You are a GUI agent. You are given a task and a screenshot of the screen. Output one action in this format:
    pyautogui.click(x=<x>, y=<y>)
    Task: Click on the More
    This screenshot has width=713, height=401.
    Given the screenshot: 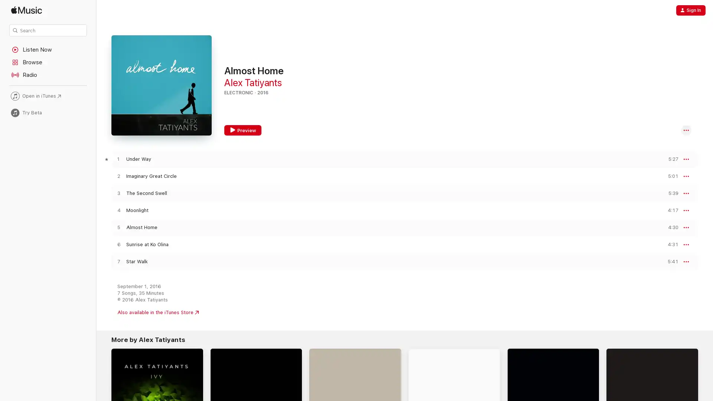 What is the action you would take?
    pyautogui.click(x=686, y=193)
    